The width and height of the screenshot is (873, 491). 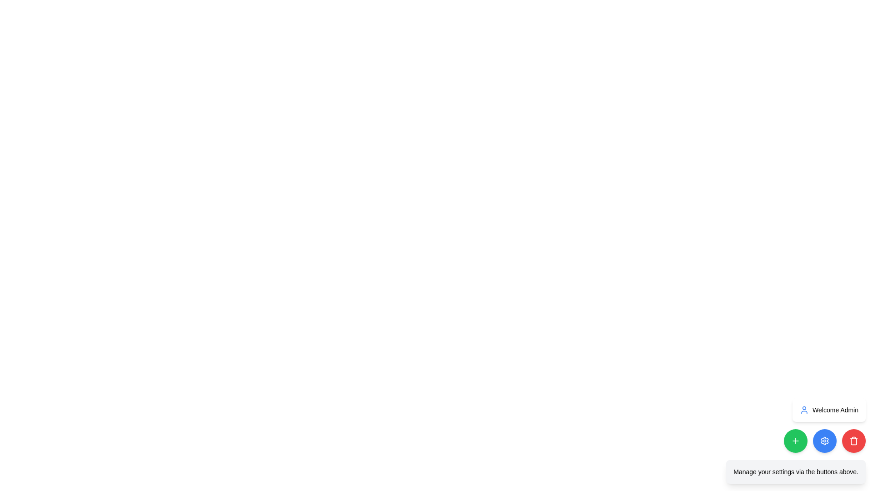 I want to click on the circular green icon with a white plus sign, so click(x=795, y=440).